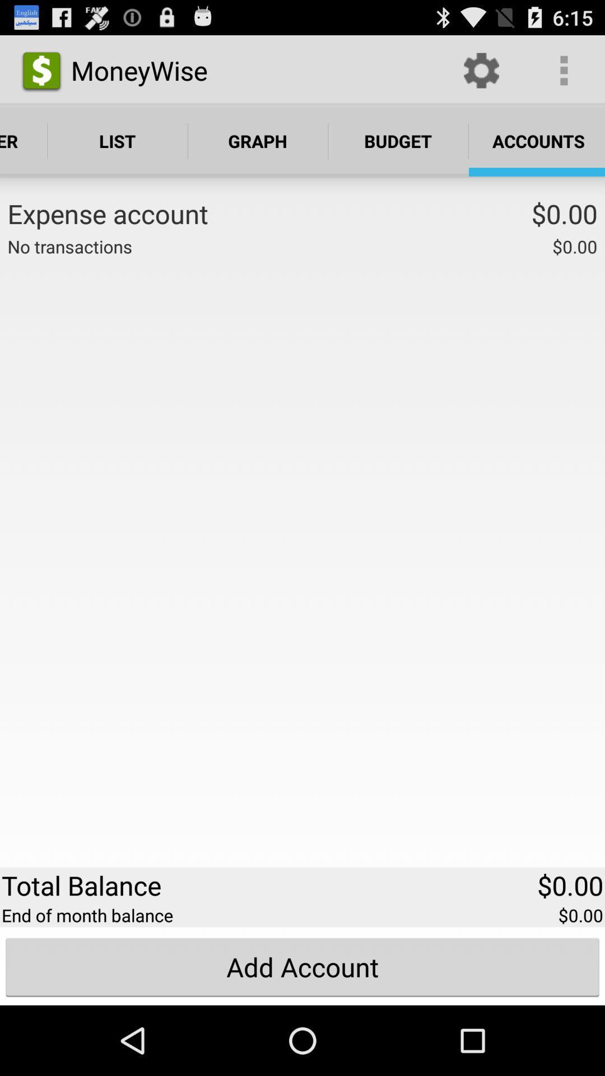  I want to click on the app next to the no transactions item, so click(342, 244).